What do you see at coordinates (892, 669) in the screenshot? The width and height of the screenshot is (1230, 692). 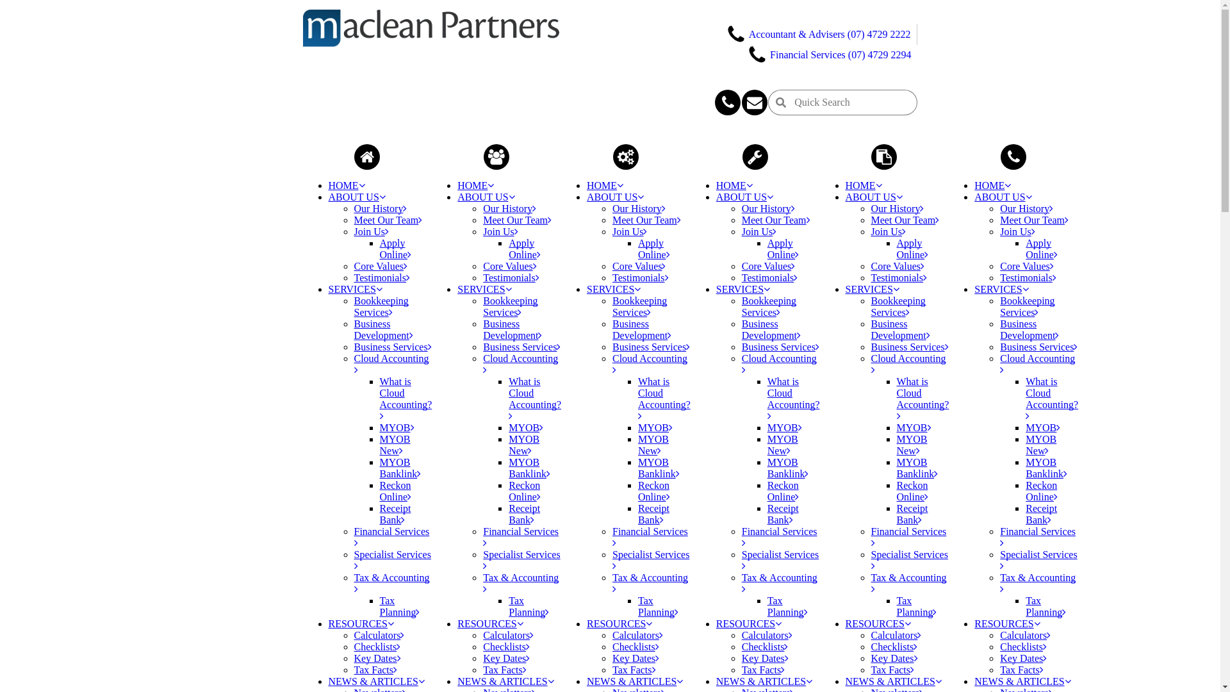 I see `'Tax Facts'` at bounding box center [892, 669].